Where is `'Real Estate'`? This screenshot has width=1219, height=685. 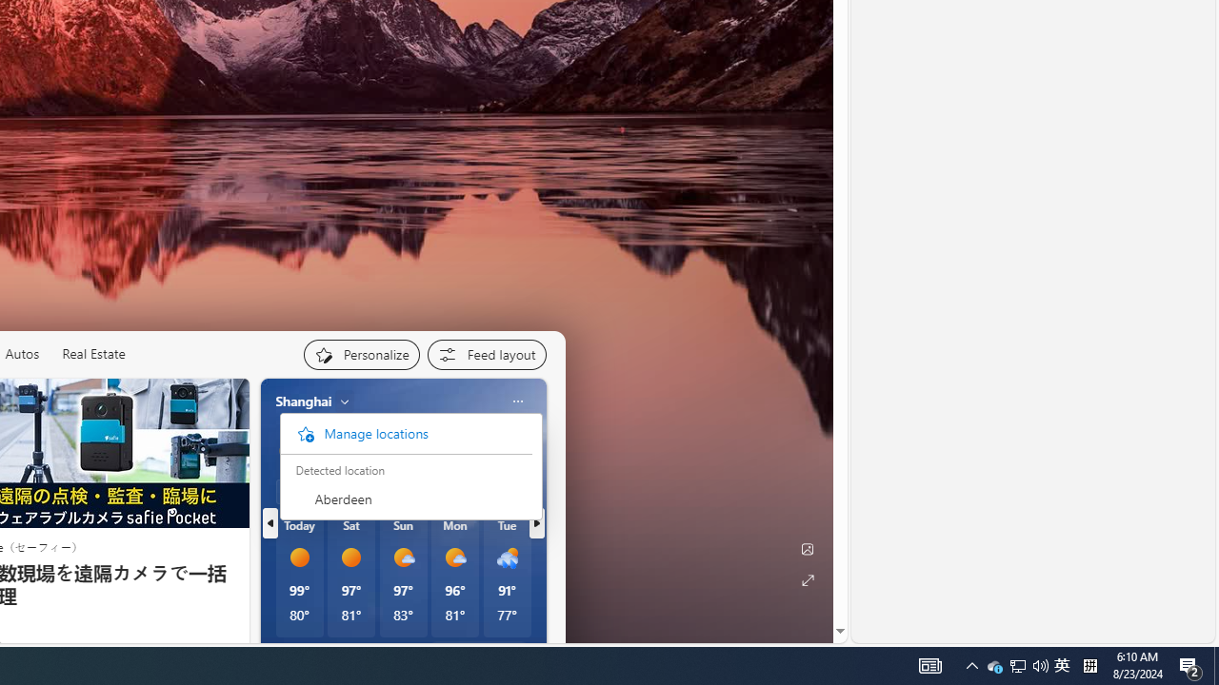 'Real Estate' is located at coordinates (91, 354).